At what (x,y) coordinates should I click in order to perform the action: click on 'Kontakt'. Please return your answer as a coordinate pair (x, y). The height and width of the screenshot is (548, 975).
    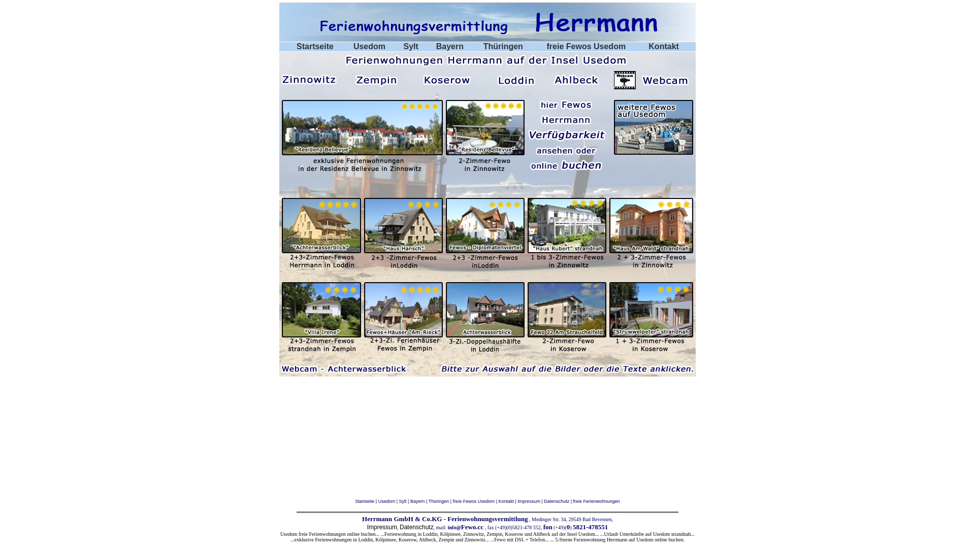
    Looking at the image, I should click on (647, 46).